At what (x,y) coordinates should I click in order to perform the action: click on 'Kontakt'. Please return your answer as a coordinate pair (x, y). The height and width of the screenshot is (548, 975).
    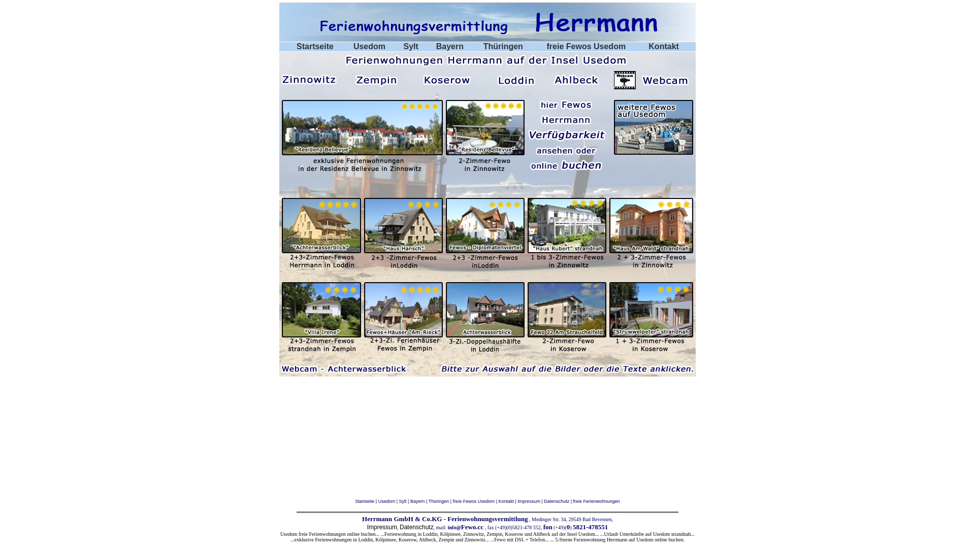
    Looking at the image, I should click on (647, 46).